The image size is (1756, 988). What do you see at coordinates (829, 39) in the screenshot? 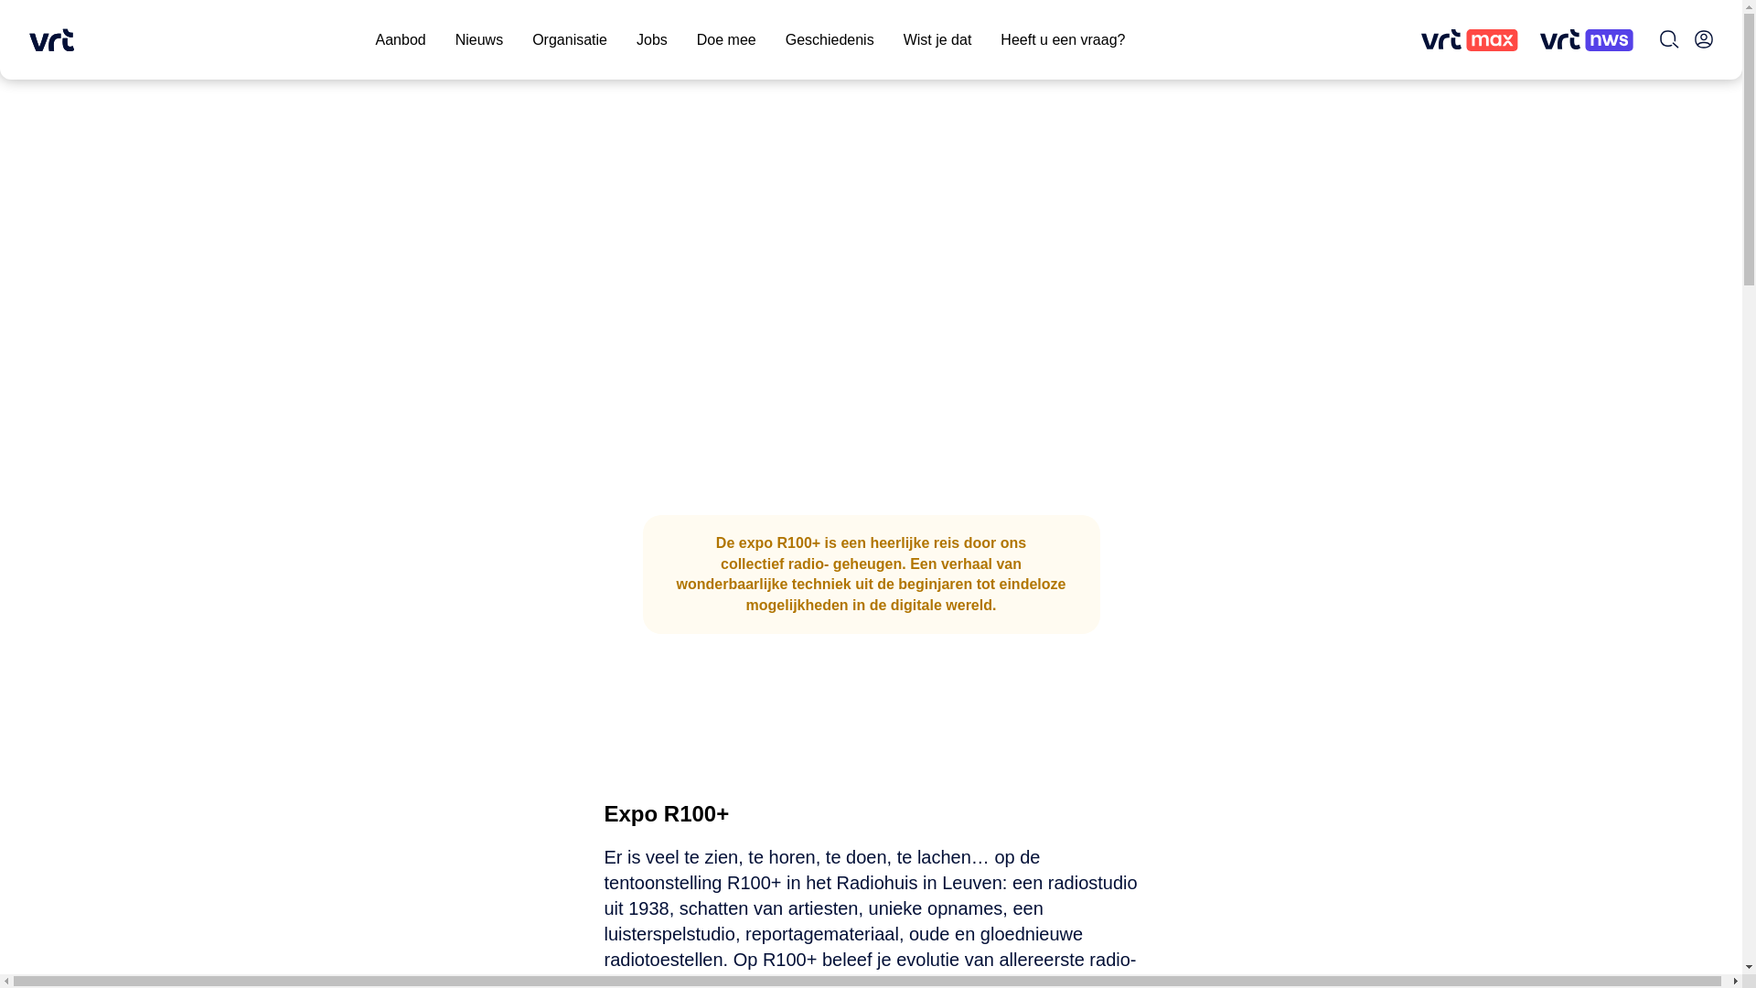
I see `'Geschiedenis'` at bounding box center [829, 39].